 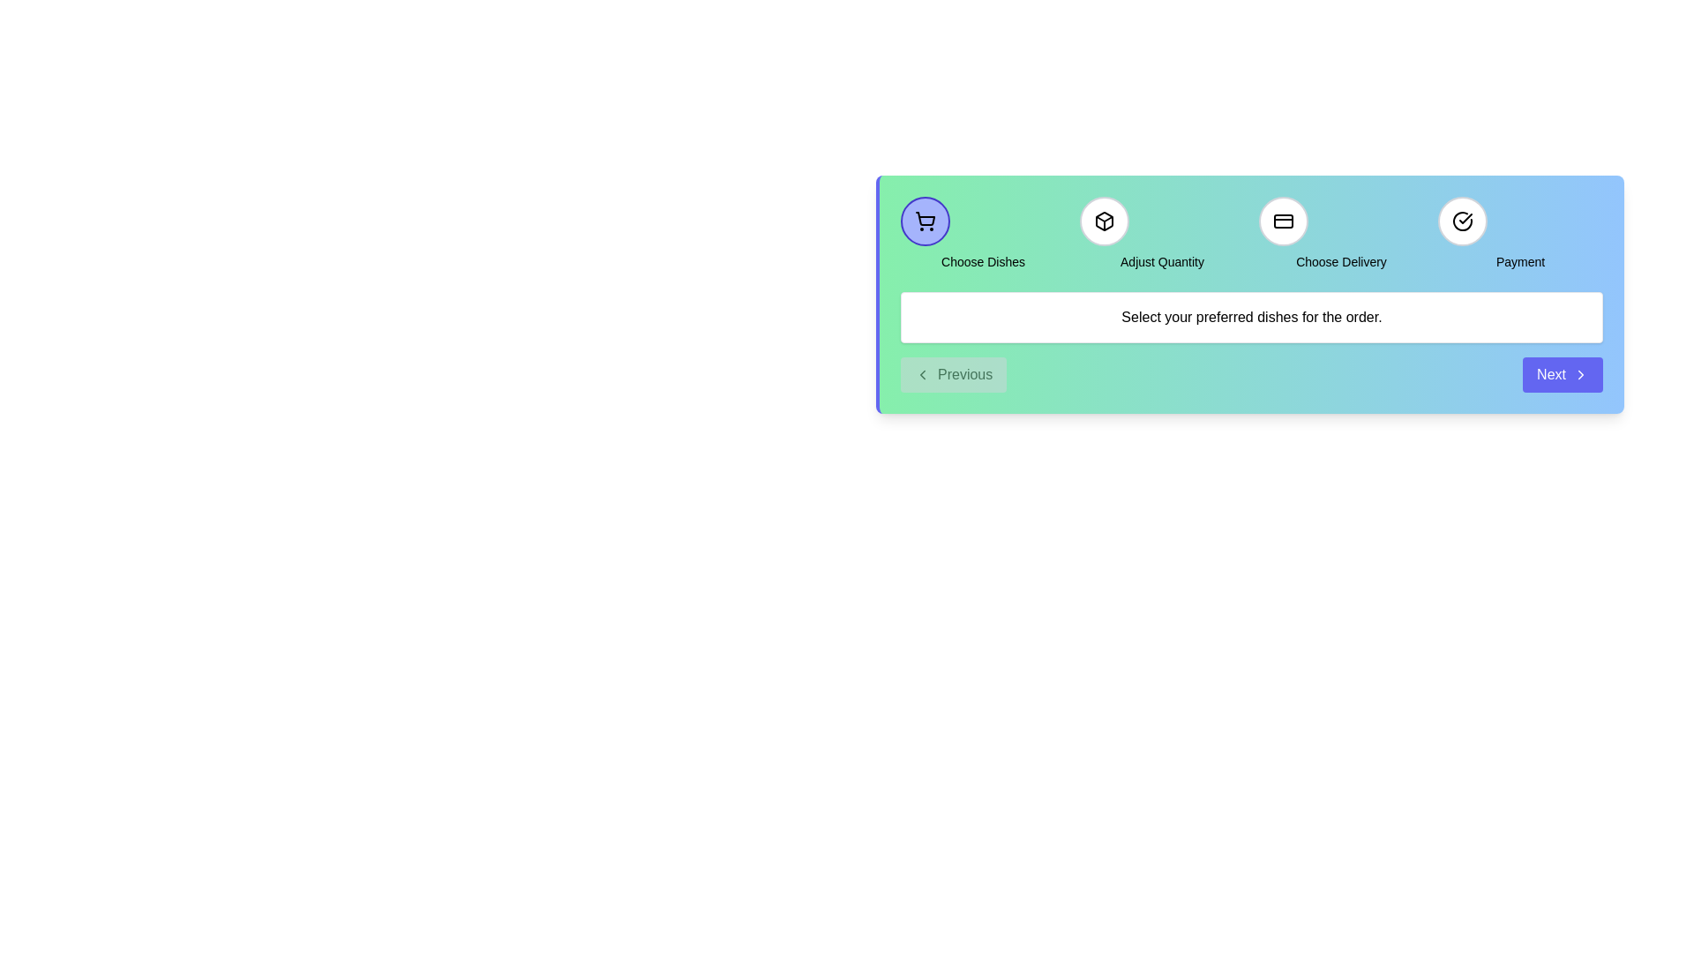 What do you see at coordinates (1462, 220) in the screenshot?
I see `the circular checkmark icon located in the fourth position of the top navigation bar, which serves as a confirmation or success indicator` at bounding box center [1462, 220].